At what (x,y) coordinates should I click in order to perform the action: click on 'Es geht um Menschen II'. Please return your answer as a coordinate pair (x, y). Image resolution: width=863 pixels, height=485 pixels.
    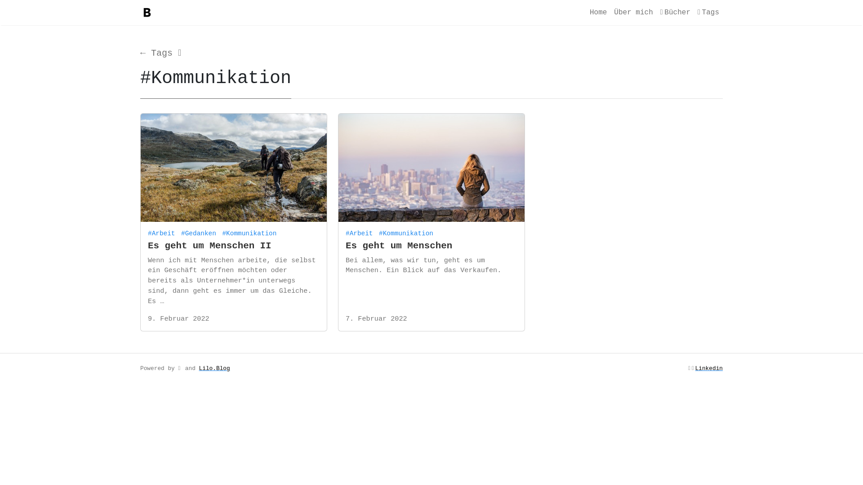
    Looking at the image, I should click on (209, 246).